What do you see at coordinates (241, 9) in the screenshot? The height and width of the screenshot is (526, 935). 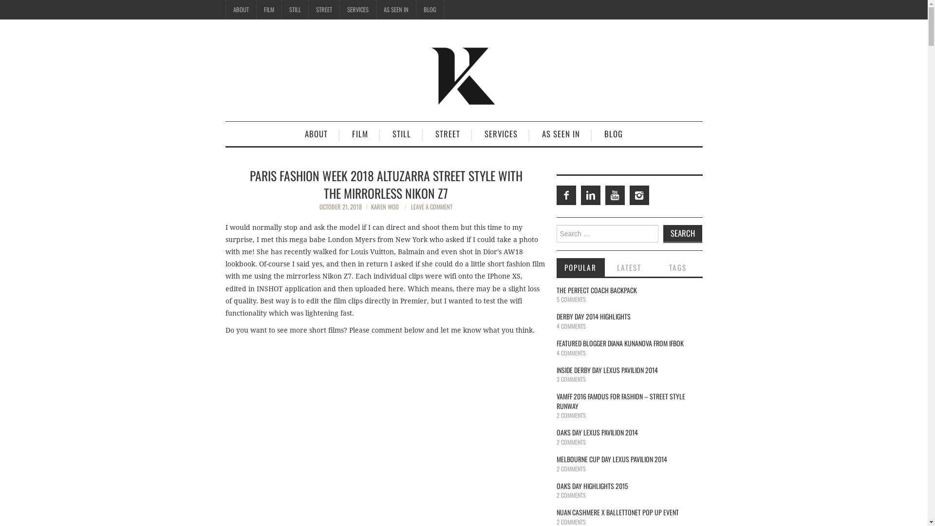 I see `'ABOUT'` at bounding box center [241, 9].